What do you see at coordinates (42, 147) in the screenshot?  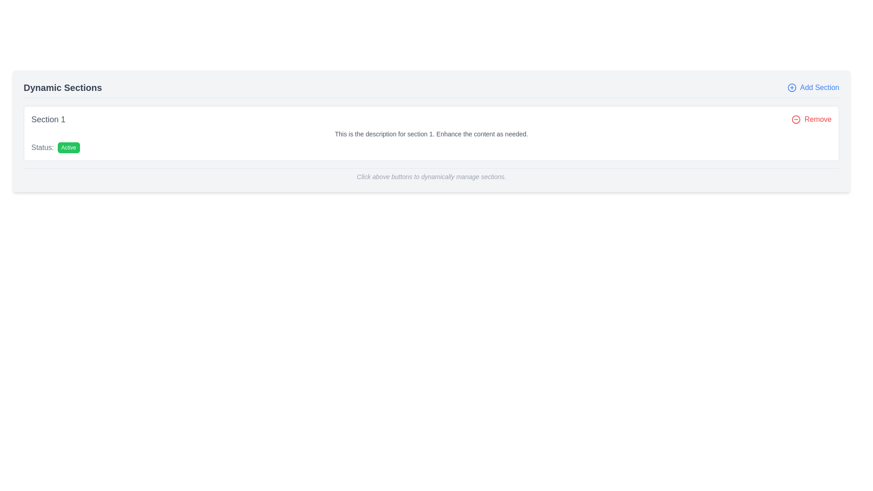 I see `the static text element labeled 'Status:' in gray font, located on the left side of the second line within 'Section 1'` at bounding box center [42, 147].